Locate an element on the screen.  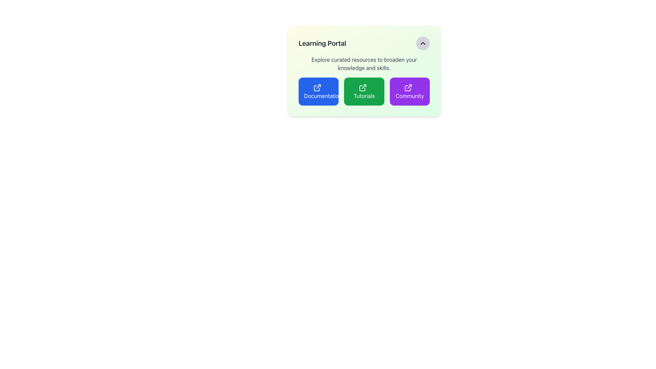
the visual indicator icon located to the left of the 'Tutorials' text label within the 'Tutorials' button at the center of the lower part of the card is located at coordinates (362, 87).